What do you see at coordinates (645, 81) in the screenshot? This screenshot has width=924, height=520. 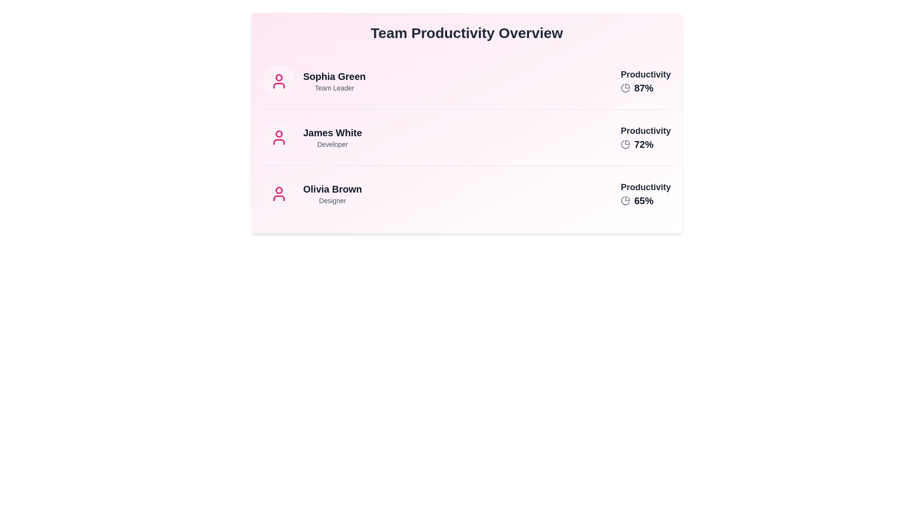 I see `productivity percentage (87%) displayed for the user 'Sophia Green' in the Statistic Display located in the top section of the Team Productivity Overview card, aligned to the right` at bounding box center [645, 81].